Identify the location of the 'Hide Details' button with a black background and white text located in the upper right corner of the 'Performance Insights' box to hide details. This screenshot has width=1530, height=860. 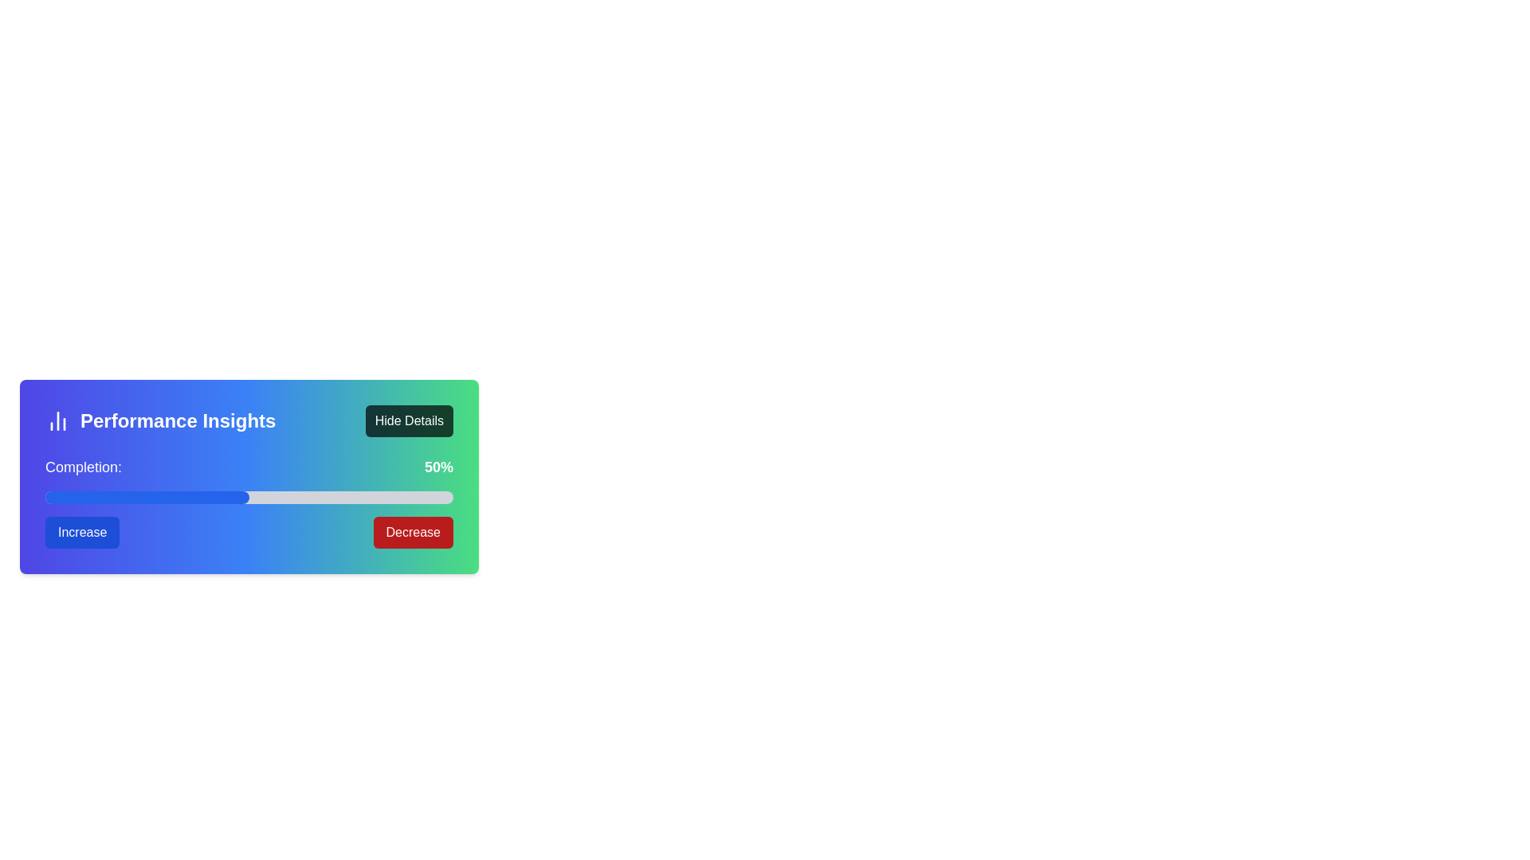
(409, 420).